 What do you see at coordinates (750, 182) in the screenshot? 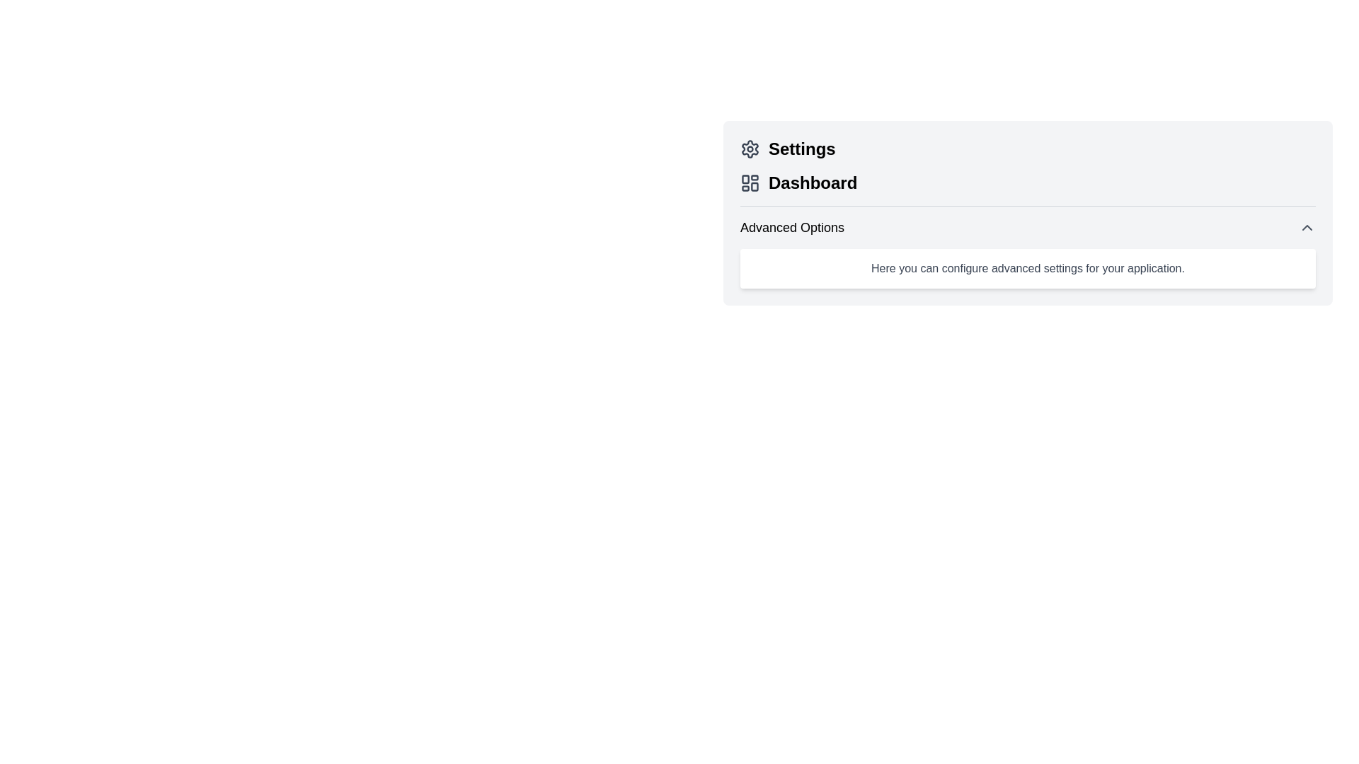
I see `the dashboard icon, which is a simplified design with a 2x2 layout of rectangular sections, located adjacent to the 'Dashboard' label in the sidebar interface` at bounding box center [750, 182].